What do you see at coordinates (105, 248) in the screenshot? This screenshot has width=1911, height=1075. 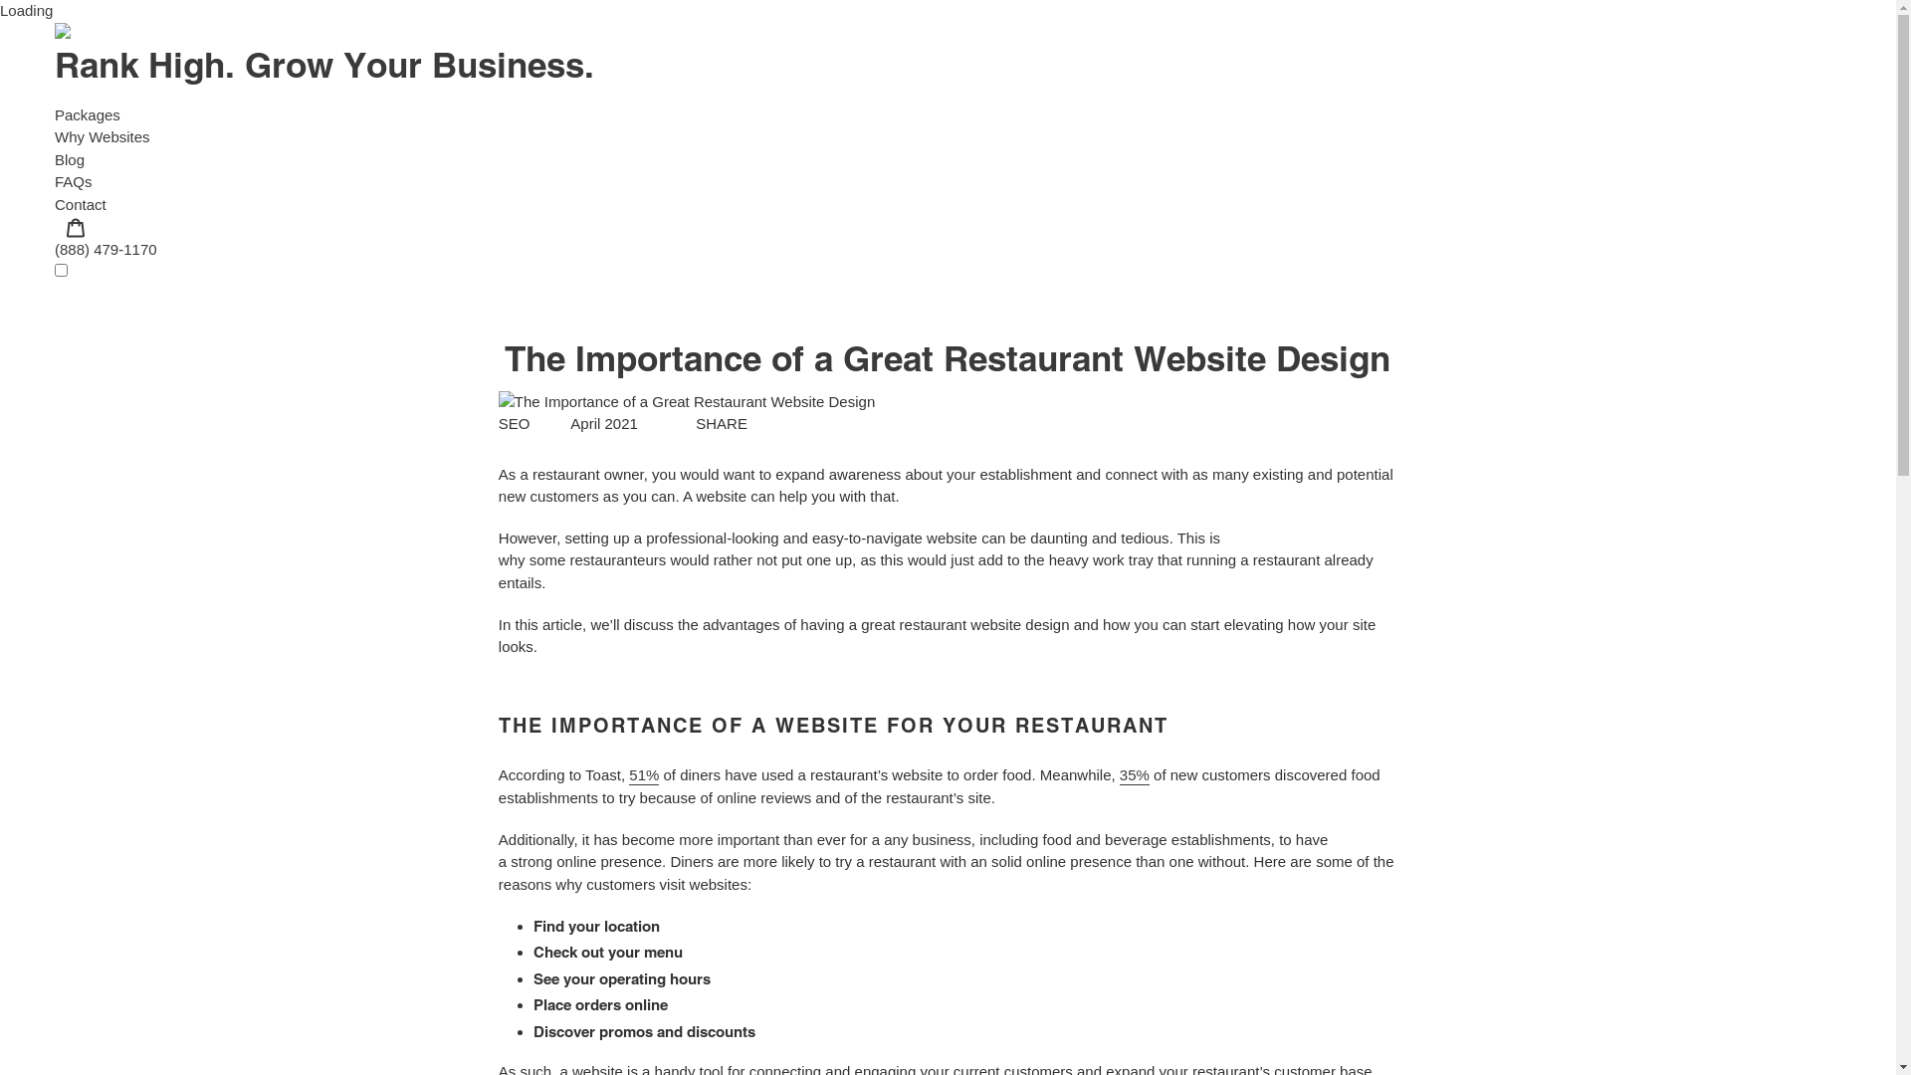 I see `'(888) 479-1170'` at bounding box center [105, 248].